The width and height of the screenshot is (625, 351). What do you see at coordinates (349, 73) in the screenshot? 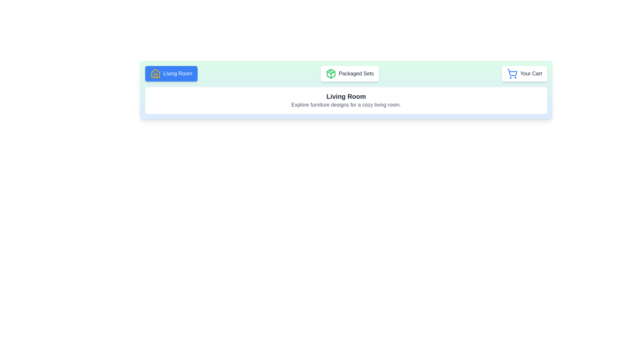
I see `the feature Packaged Sets by clicking the corresponding button` at bounding box center [349, 73].